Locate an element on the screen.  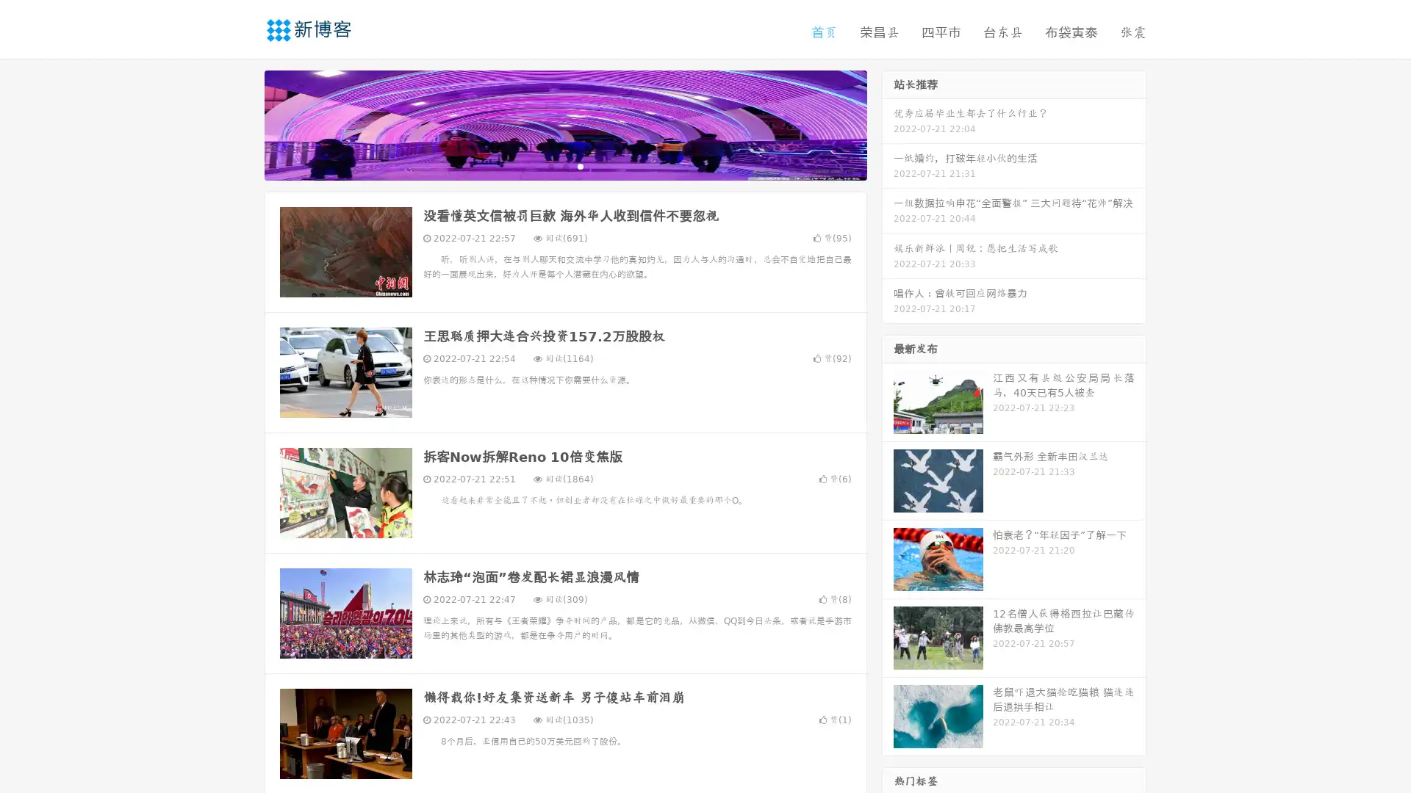
Go to slide 2 is located at coordinates (564, 165).